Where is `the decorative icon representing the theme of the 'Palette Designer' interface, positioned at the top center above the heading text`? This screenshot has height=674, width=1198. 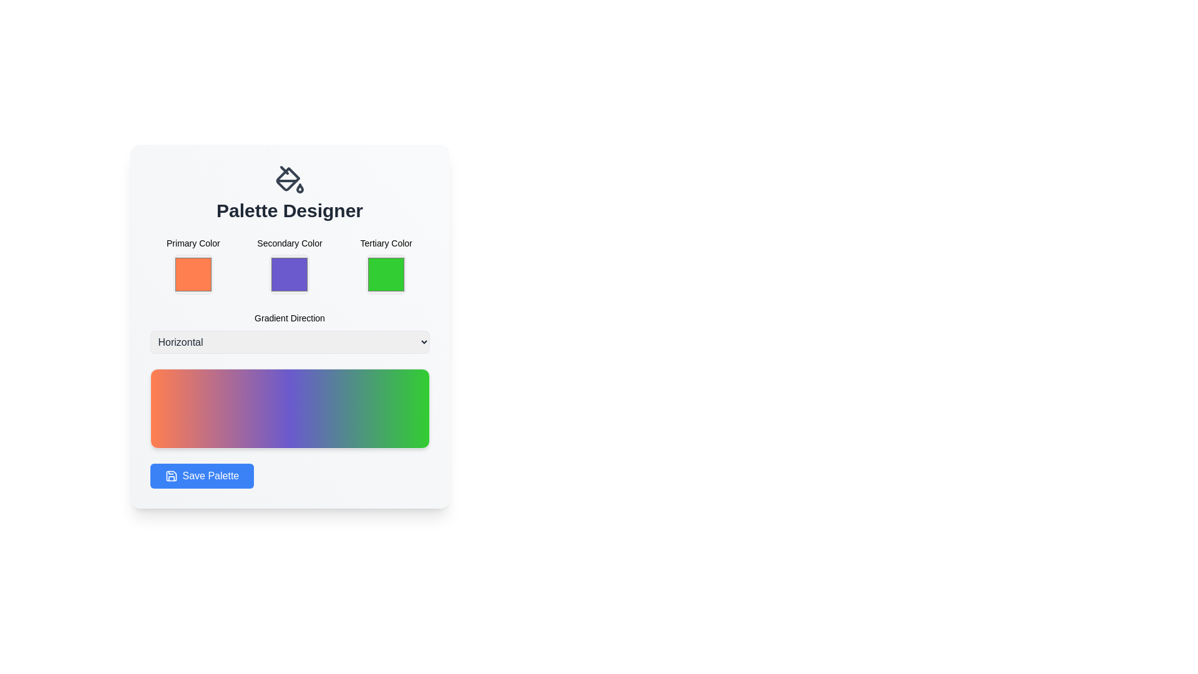 the decorative icon representing the theme of the 'Palette Designer' interface, positioned at the top center above the heading text is located at coordinates (289, 180).